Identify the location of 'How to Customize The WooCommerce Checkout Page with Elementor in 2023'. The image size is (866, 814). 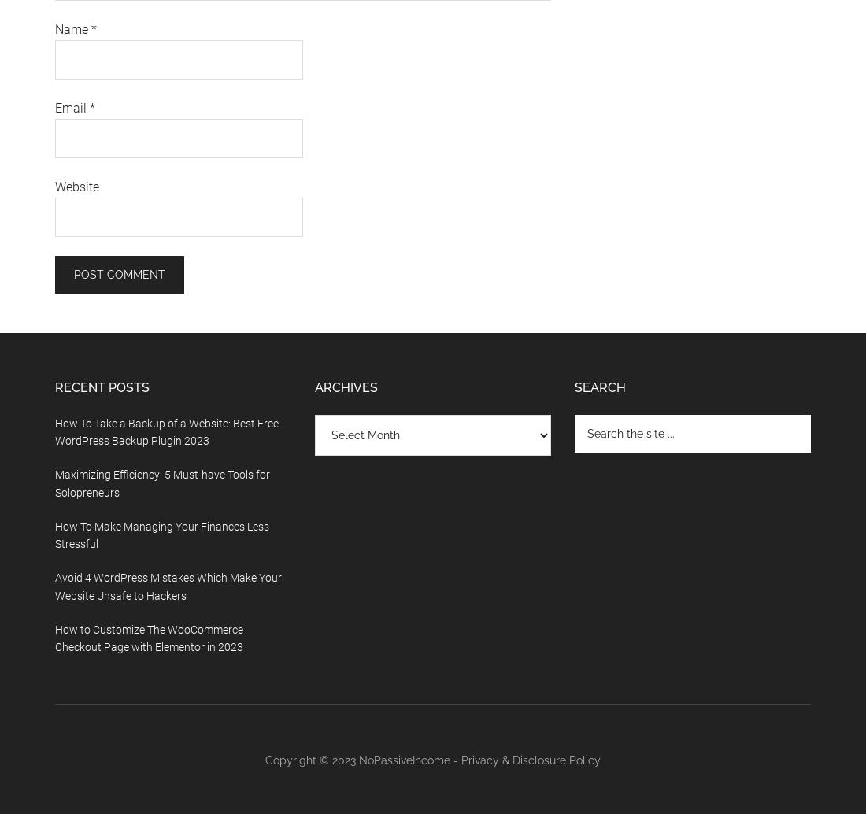
(148, 637).